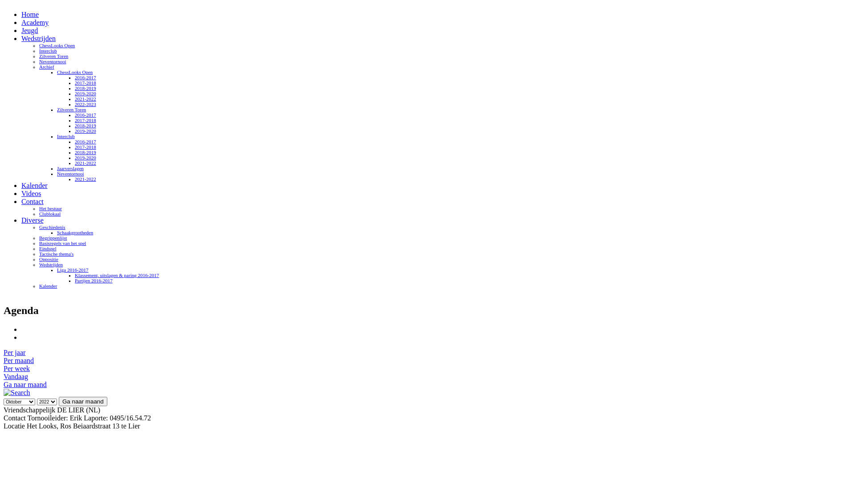 This screenshot has height=481, width=855. I want to click on 'Basisregels van het spel', so click(62, 243).